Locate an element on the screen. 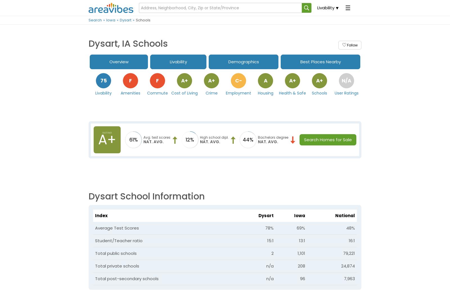  '96' is located at coordinates (302, 278).